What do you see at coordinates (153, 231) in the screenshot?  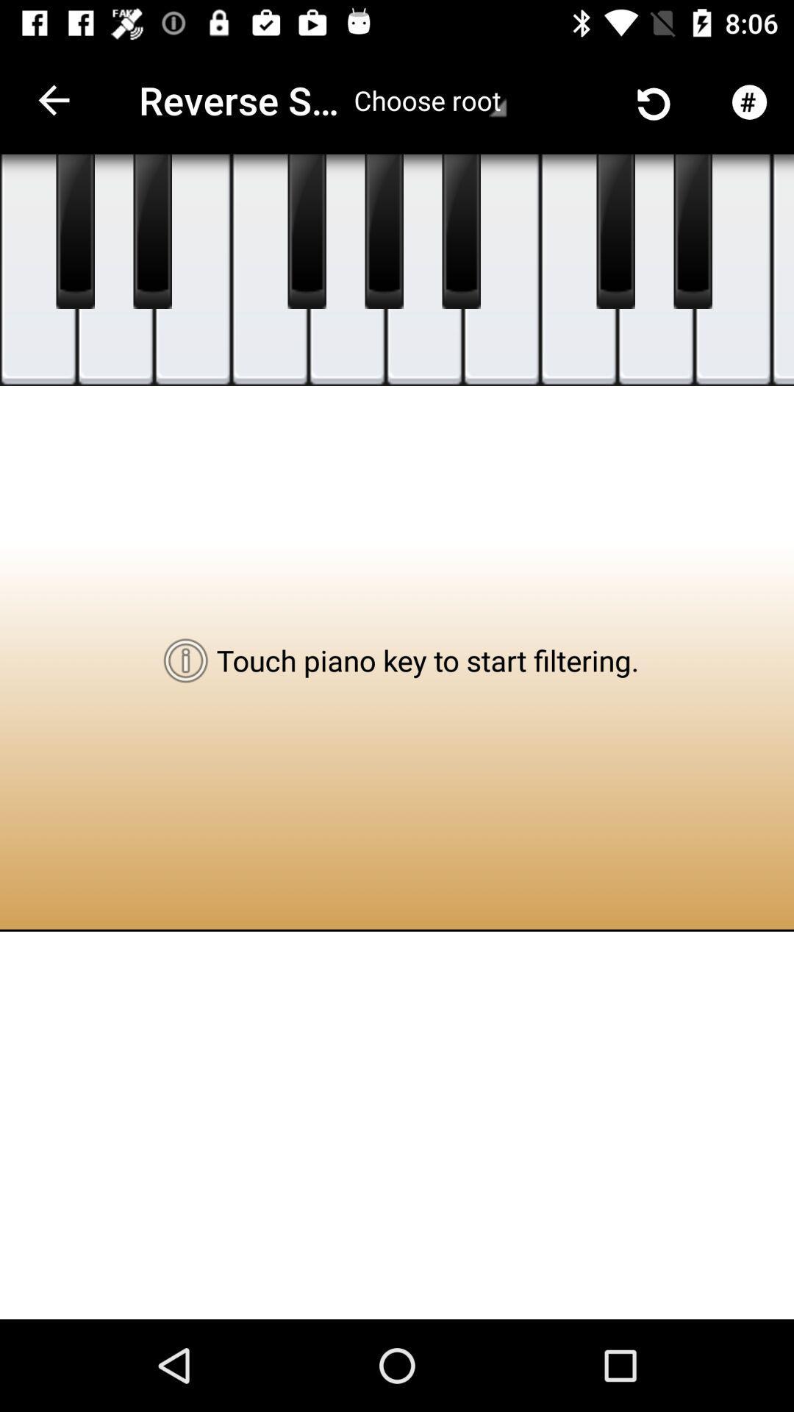 I see `the second black colour tile from the left hand side` at bounding box center [153, 231].